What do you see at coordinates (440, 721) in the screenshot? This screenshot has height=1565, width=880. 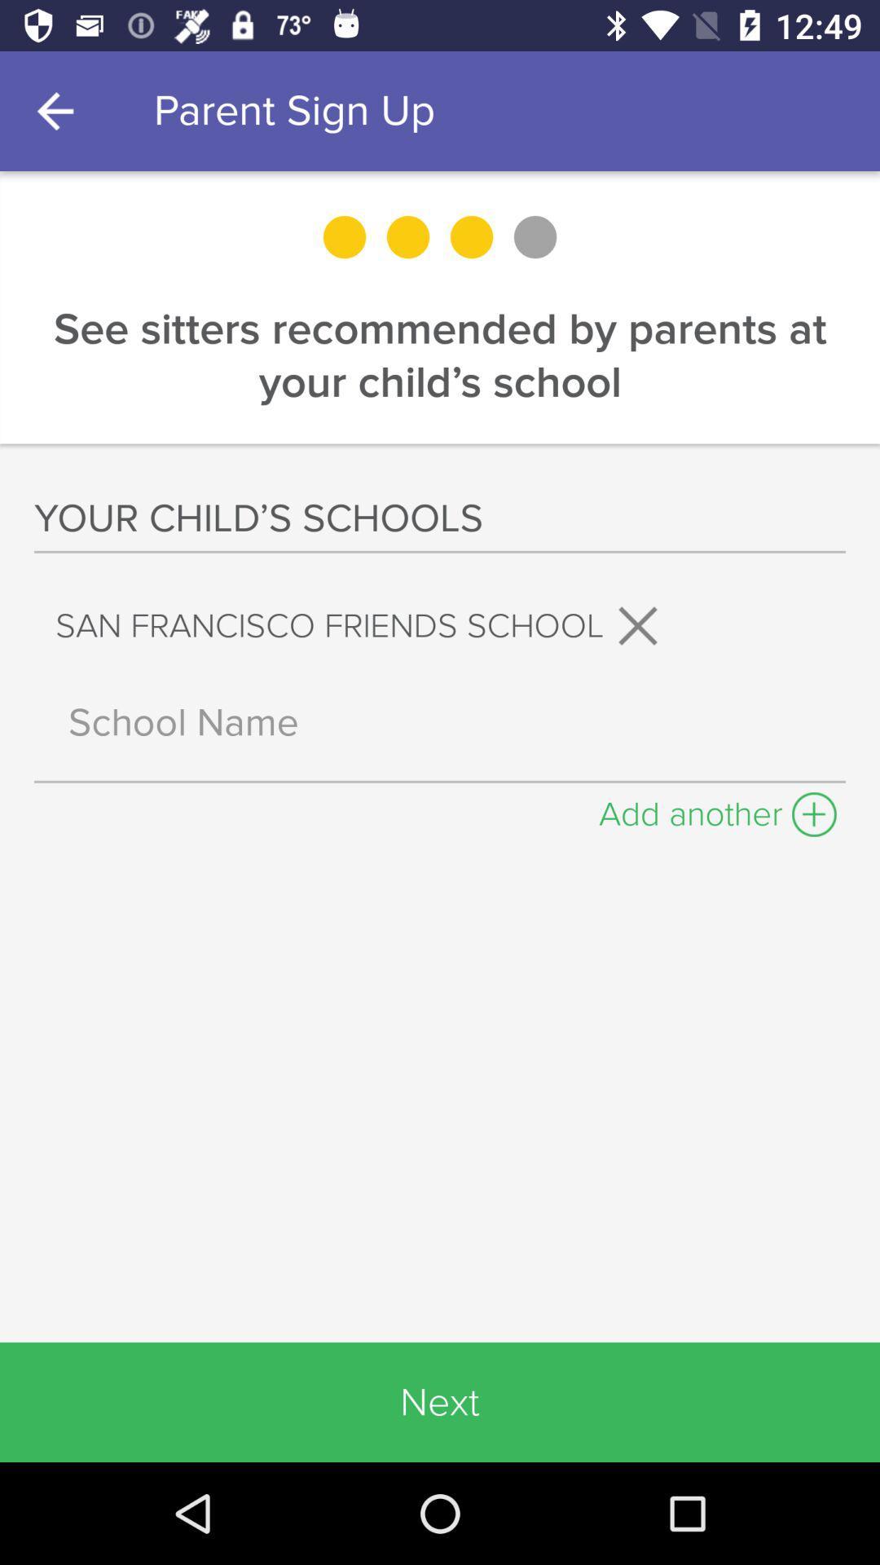 I see `input school name` at bounding box center [440, 721].